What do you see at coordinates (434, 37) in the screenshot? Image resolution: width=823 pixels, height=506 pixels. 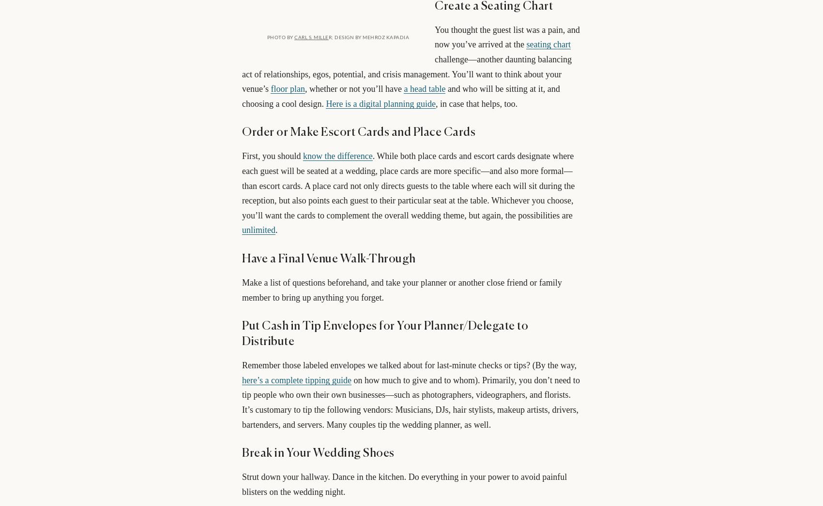 I see `'You thought the guest list was a pain, and now you’ve arrived at the'` at bounding box center [434, 37].